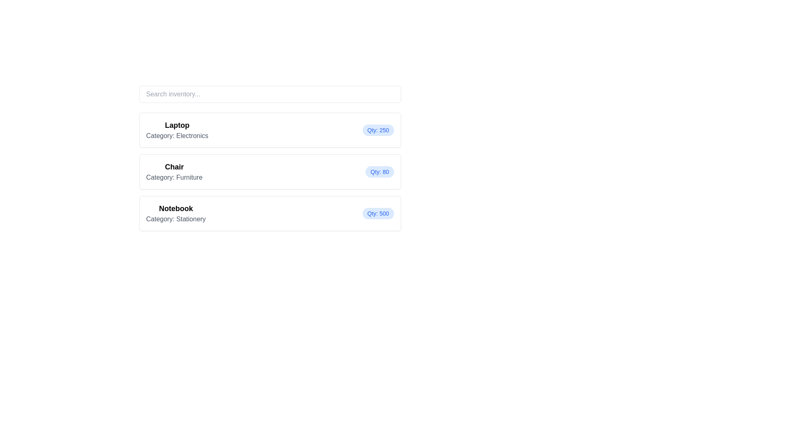  Describe the element at coordinates (175, 213) in the screenshot. I see `the Text Display Unit displaying 'Notebook' and 'Category: Stationery', which is the left-aligned text group in the third list item on the page` at that location.